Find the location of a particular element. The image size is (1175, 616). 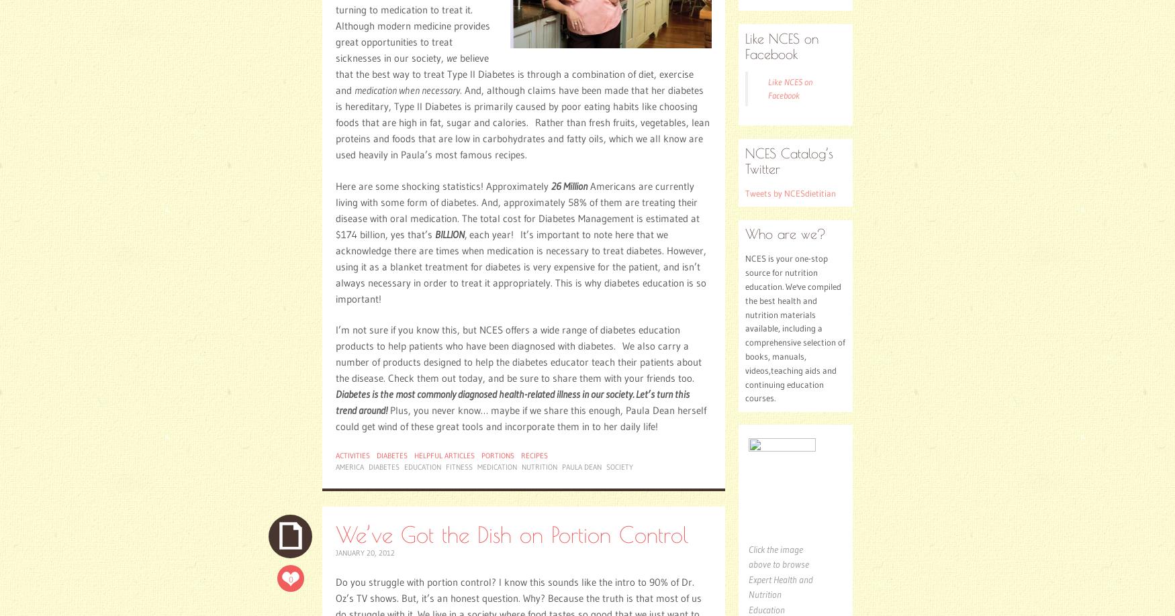

'Americans are currently living with some form of diabetes. And, approximately 58% of them are treating their disease with oral medication. The total cost for Diabetes Management is estimated at $174 billion, yes that’s' is located at coordinates (517, 209).